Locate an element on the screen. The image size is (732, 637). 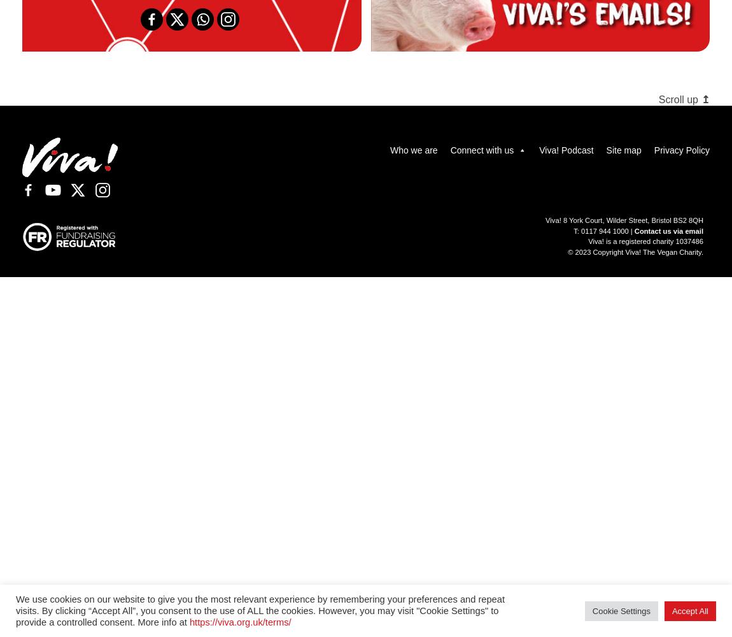
'Contact us via email' is located at coordinates (668, 230).